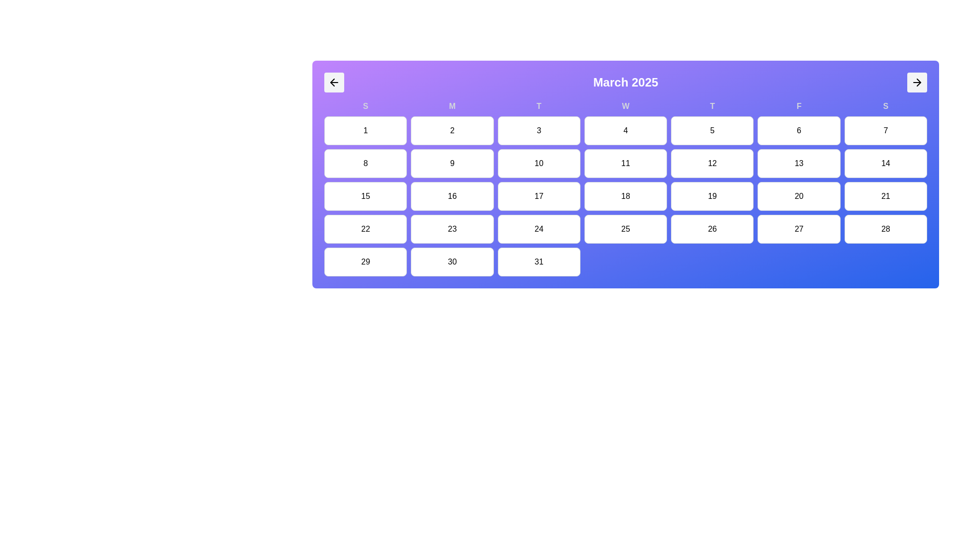 This screenshot has width=955, height=537. Describe the element at coordinates (365, 196) in the screenshot. I see `the static display box representing the date '15' in the calendar grid, located in the third row and first column` at that location.